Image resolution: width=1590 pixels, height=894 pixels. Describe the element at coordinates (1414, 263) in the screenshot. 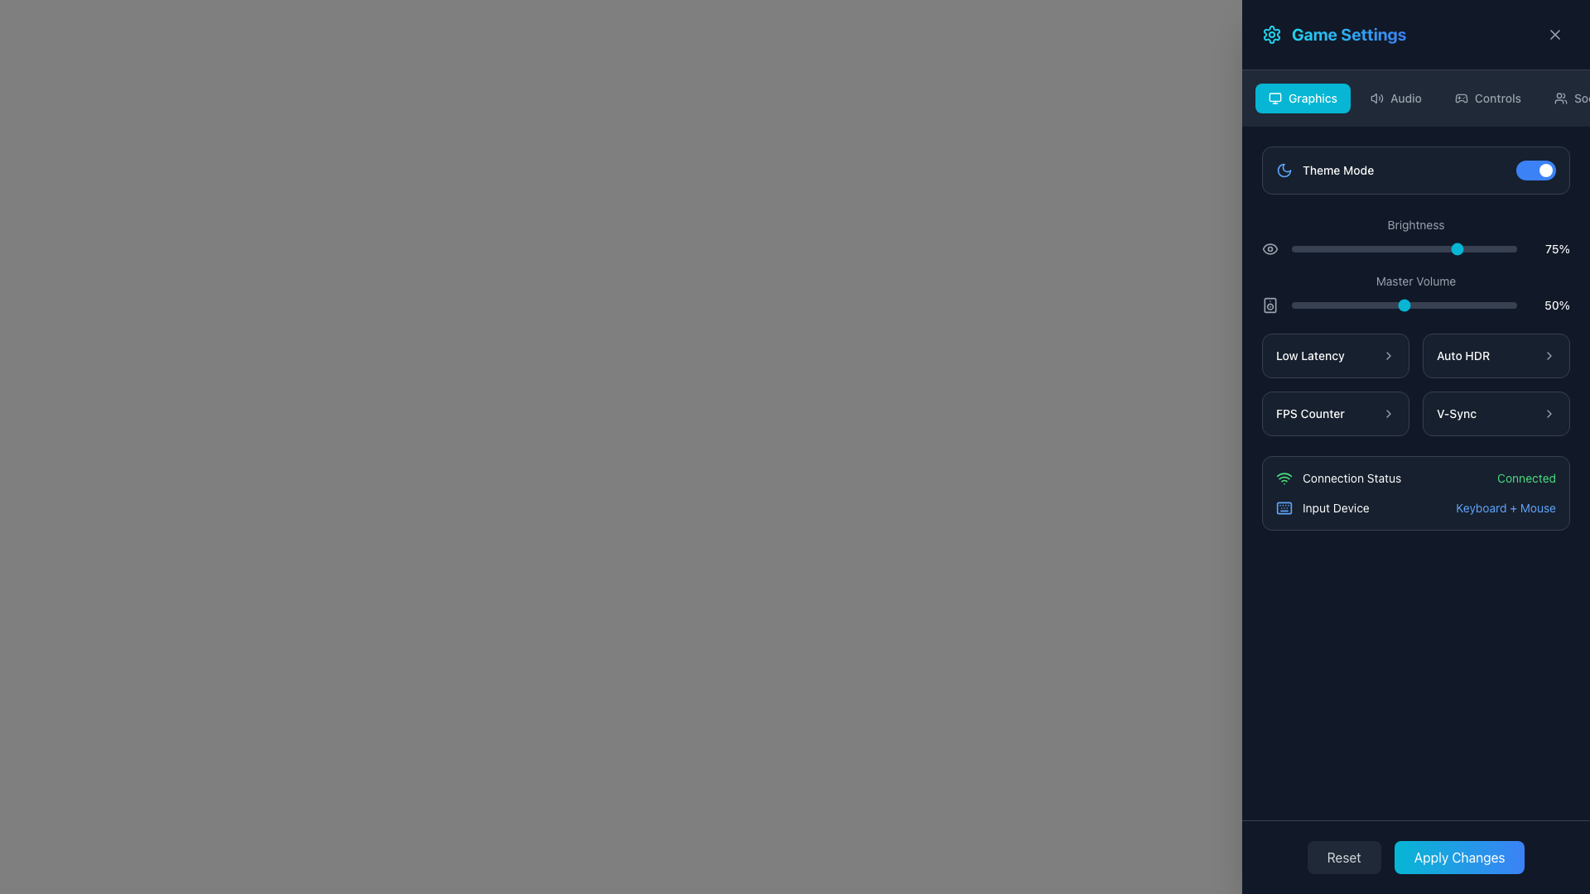

I see `the composite UI component containing the two interactive range sliders for 'Brightness' and 'Master Volume'` at that location.